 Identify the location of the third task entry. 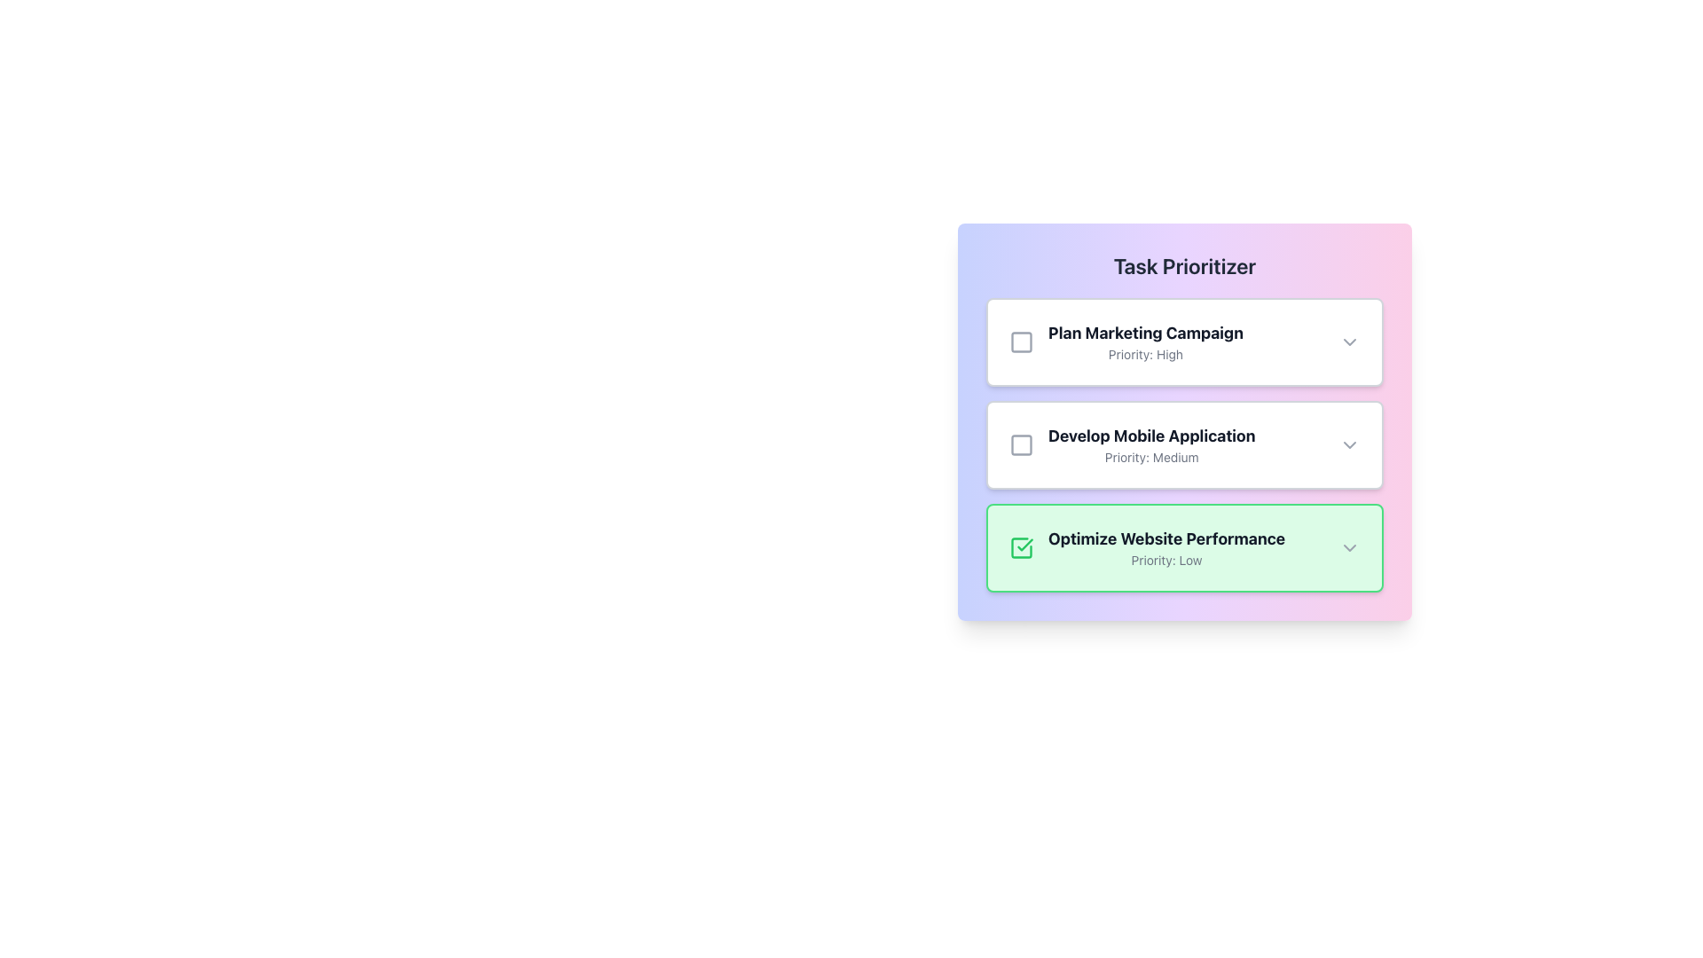
(1174, 546).